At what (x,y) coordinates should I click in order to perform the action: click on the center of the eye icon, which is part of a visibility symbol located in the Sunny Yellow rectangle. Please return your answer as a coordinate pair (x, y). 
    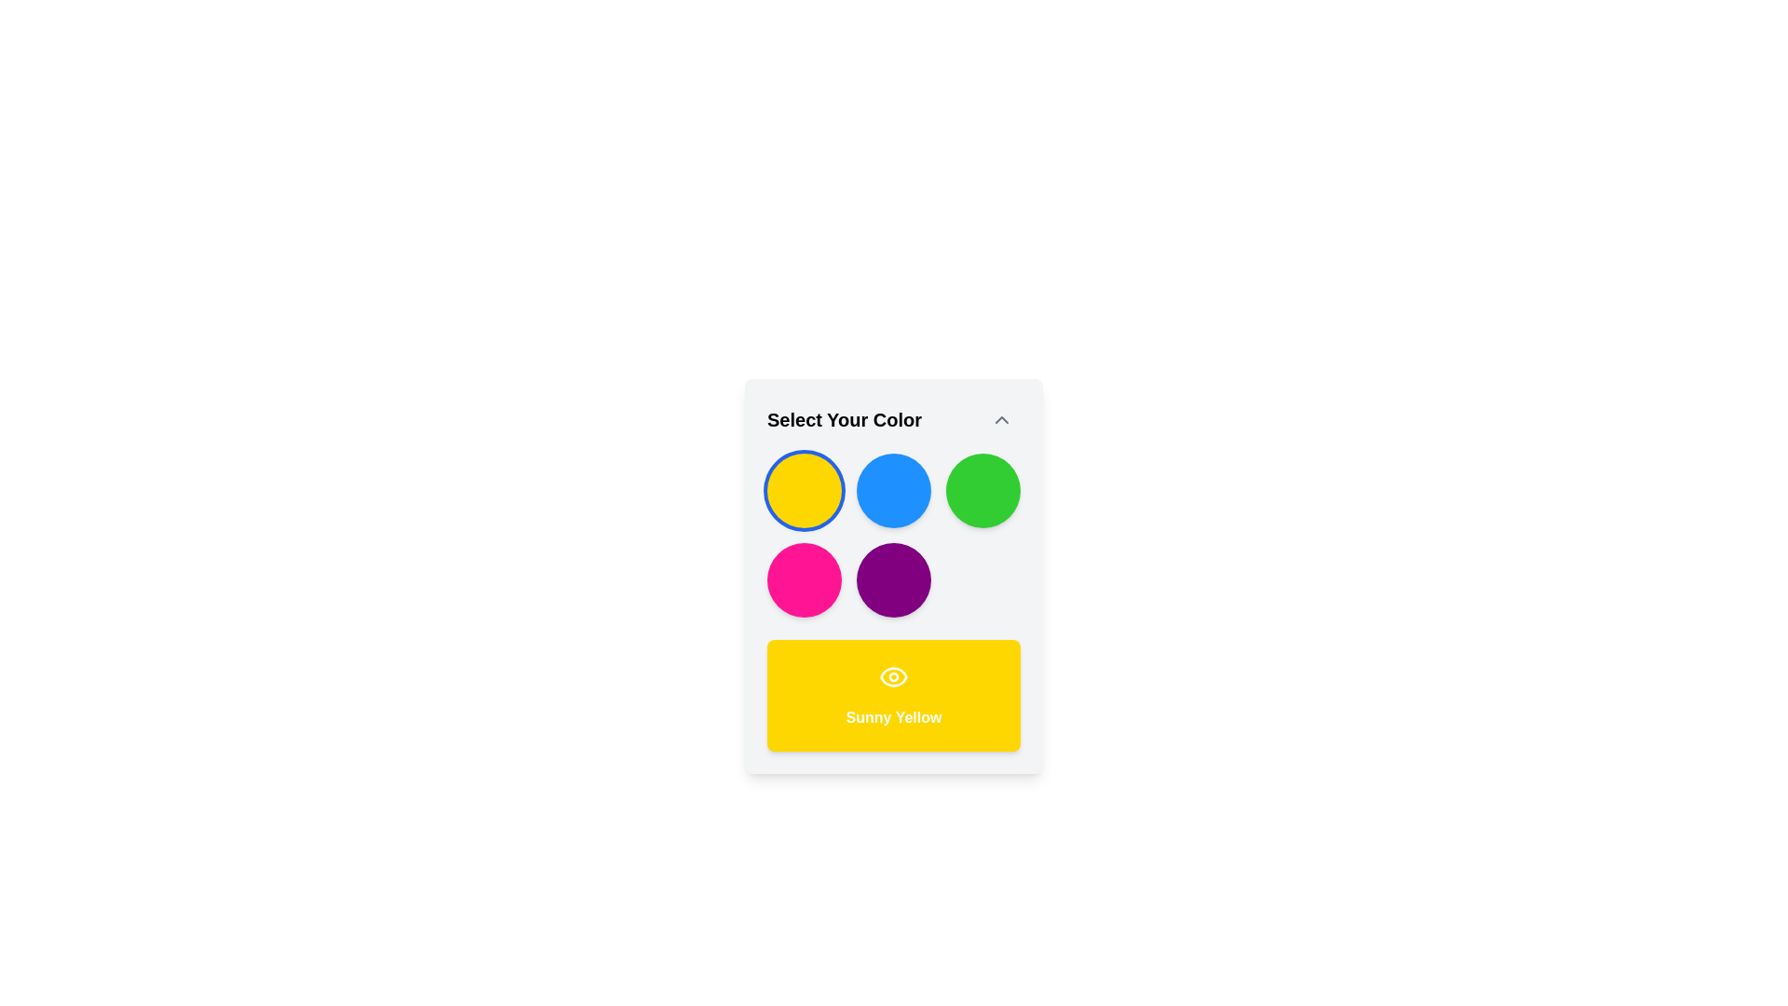
    Looking at the image, I should click on (894, 676).